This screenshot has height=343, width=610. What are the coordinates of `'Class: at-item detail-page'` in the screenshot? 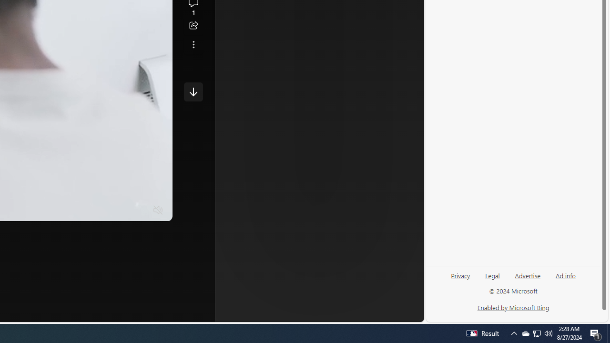 It's located at (193, 44).